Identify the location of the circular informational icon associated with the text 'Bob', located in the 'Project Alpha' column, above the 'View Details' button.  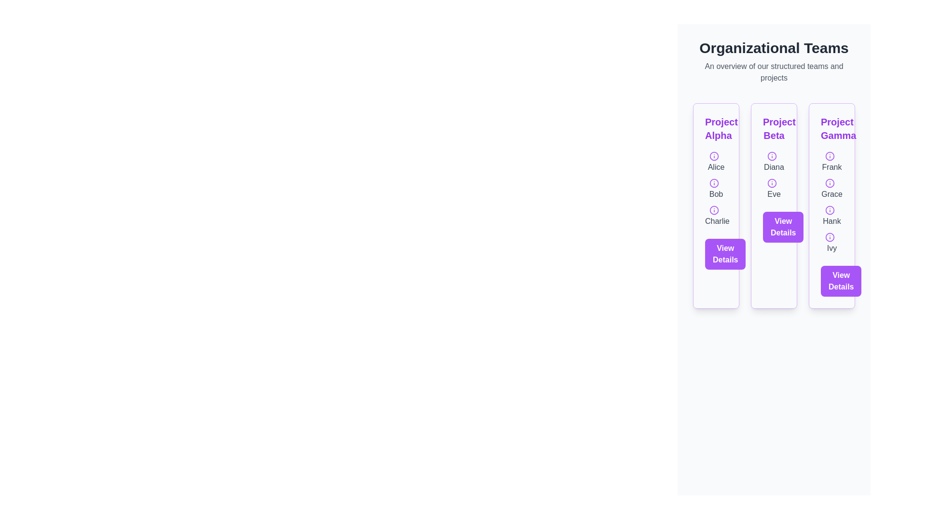
(714, 182).